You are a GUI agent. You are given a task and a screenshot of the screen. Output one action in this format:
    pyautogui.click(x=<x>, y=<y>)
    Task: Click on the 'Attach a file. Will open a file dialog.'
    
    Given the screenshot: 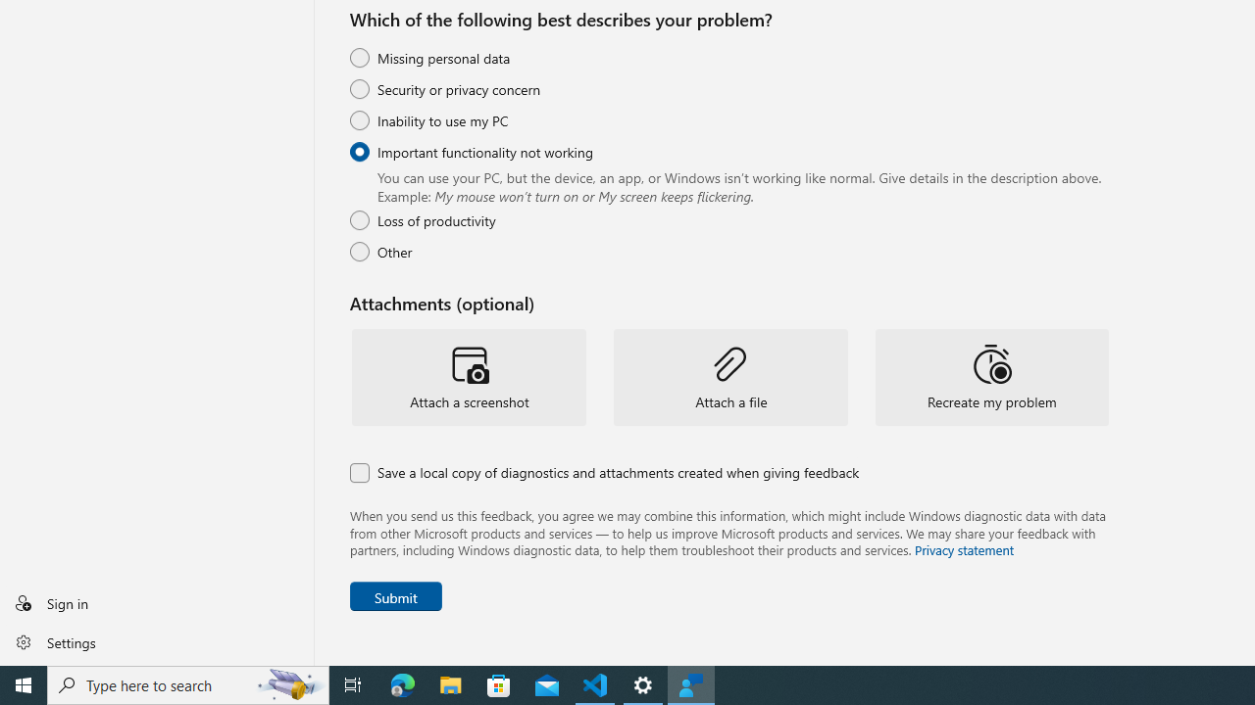 What is the action you would take?
    pyautogui.click(x=729, y=377)
    